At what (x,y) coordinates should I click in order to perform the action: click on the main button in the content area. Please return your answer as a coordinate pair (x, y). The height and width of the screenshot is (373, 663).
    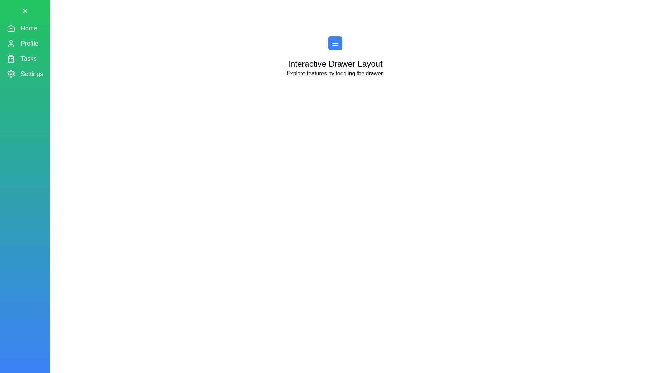
    Looking at the image, I should click on (335, 43).